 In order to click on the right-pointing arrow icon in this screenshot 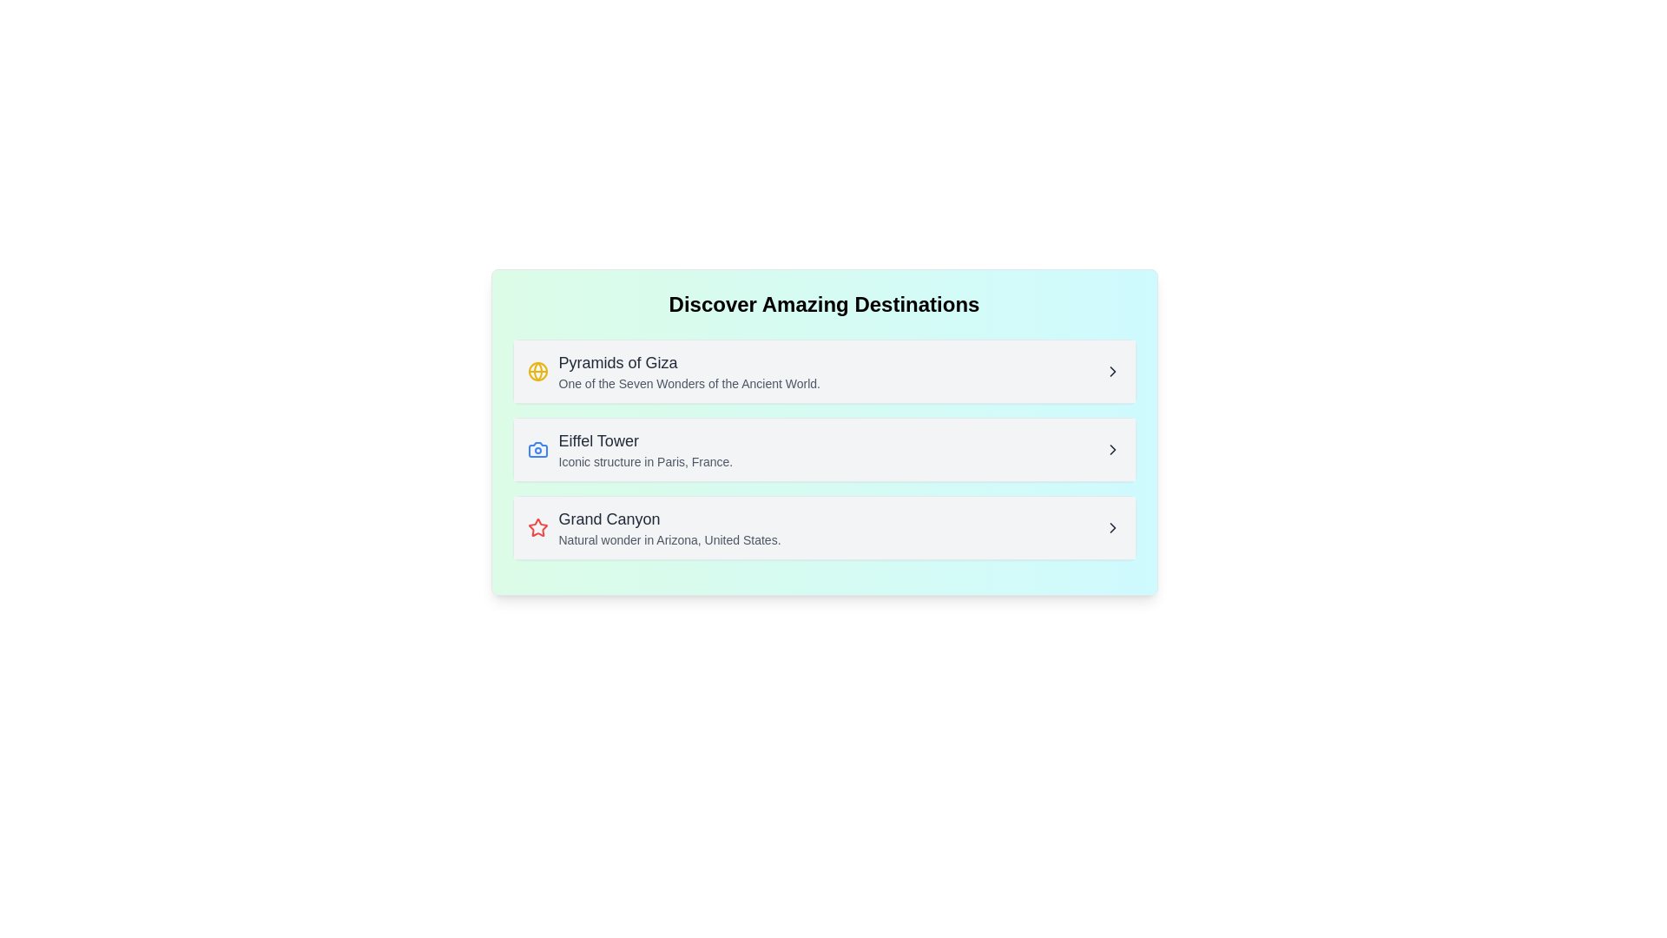, I will do `click(1112, 448)`.